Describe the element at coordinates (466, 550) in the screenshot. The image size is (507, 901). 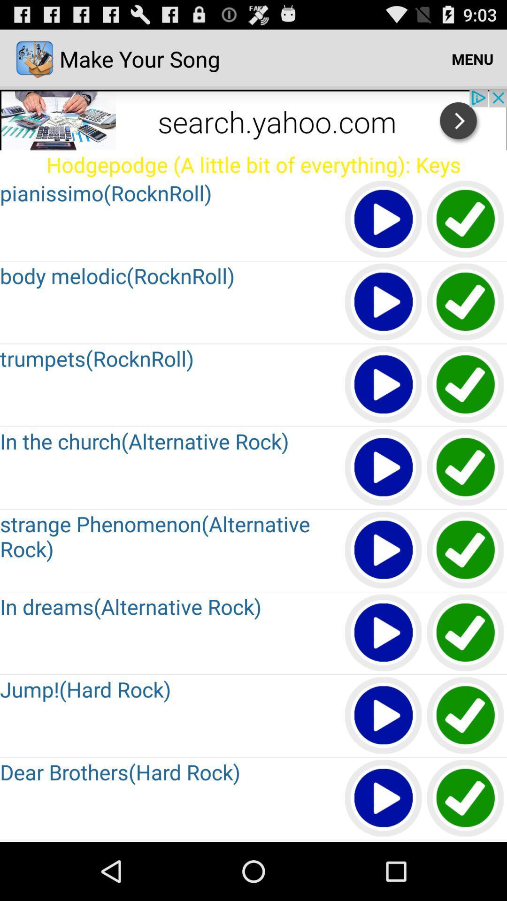
I see `check button` at that location.